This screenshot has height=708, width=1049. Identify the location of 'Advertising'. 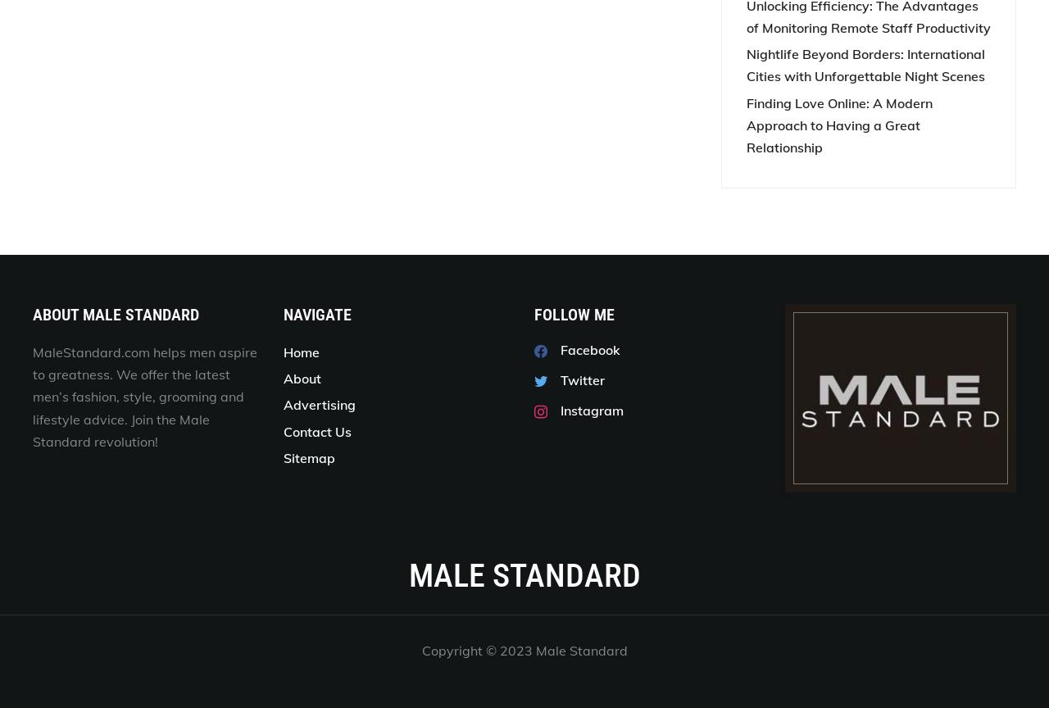
(320, 405).